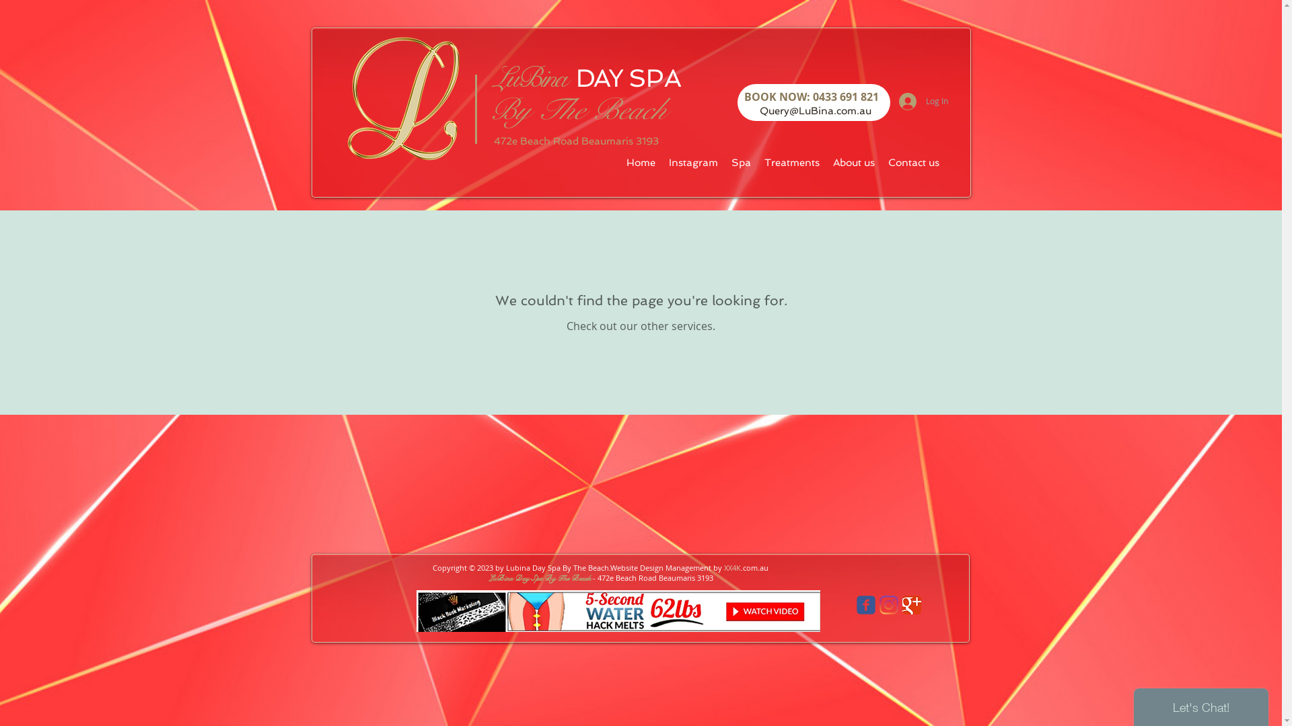 The image size is (1292, 726). What do you see at coordinates (914, 162) in the screenshot?
I see `'Contact us'` at bounding box center [914, 162].